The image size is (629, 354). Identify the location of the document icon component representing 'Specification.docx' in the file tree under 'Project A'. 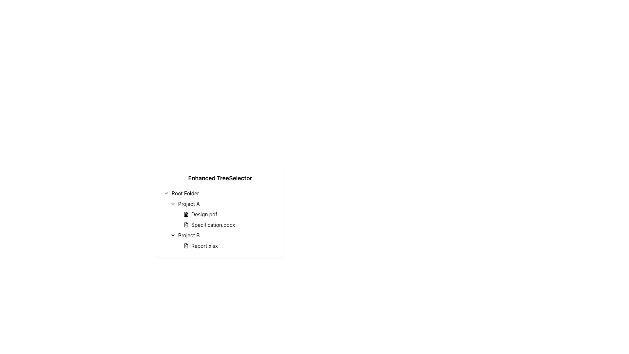
(185, 225).